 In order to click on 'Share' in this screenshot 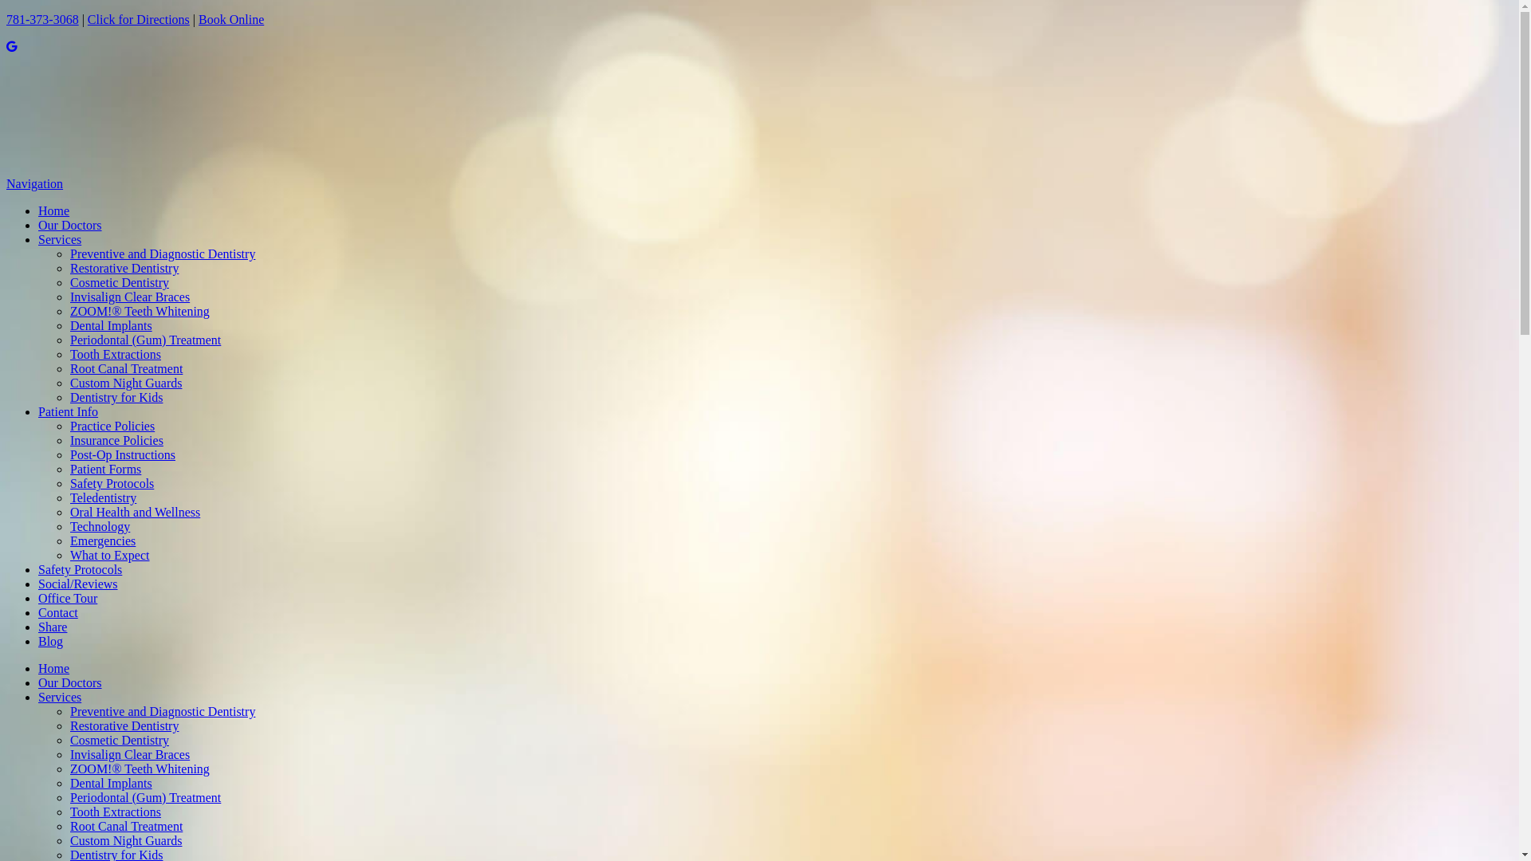, I will do `click(53, 626)`.